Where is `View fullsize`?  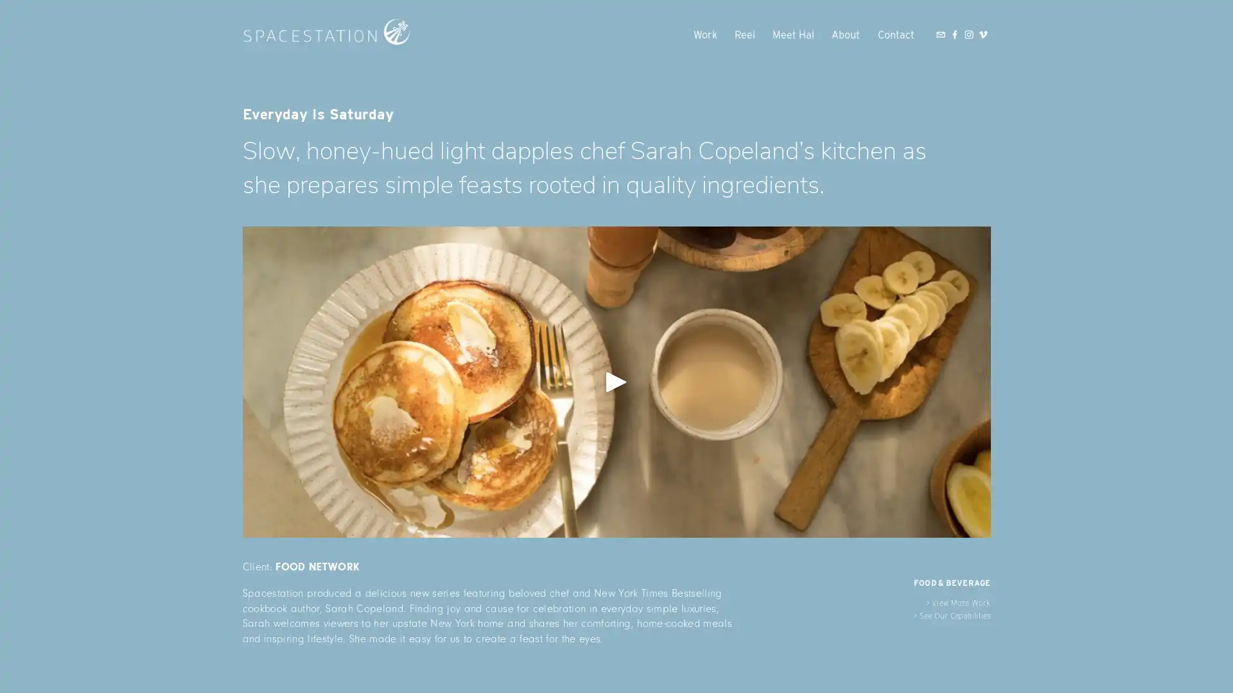
View fullsize is located at coordinates (615, 381).